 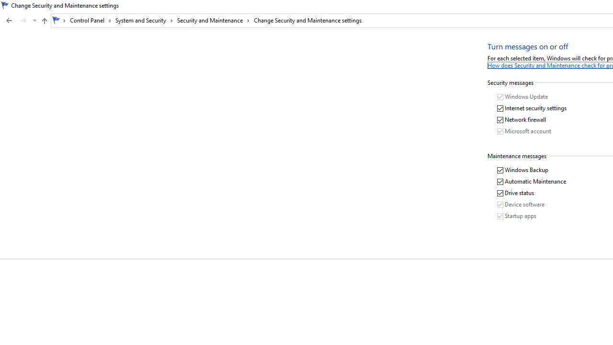 I want to click on 'All locations', so click(x=59, y=20).